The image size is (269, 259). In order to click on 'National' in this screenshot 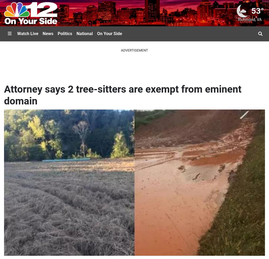, I will do `click(84, 33)`.